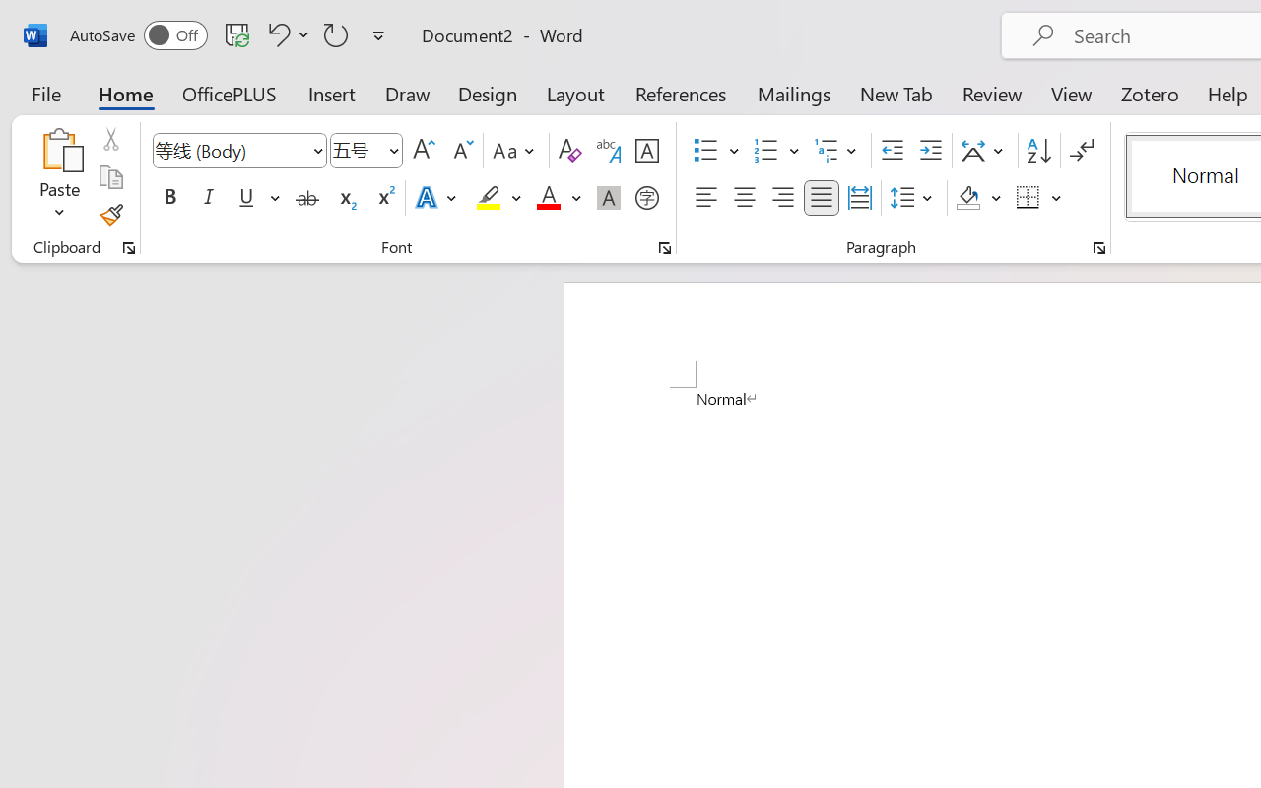 This screenshot has height=788, width=1261. I want to click on 'Home', so click(125, 93).